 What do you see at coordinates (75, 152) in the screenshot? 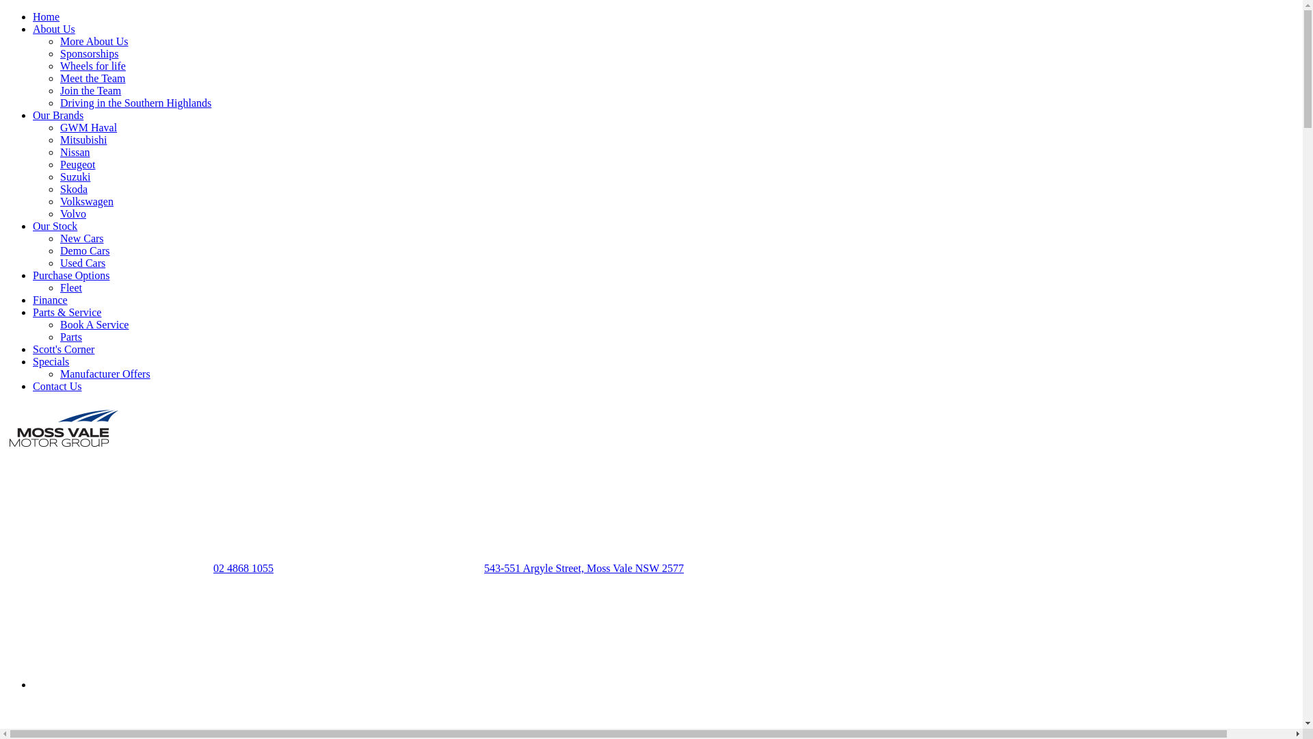
I see `'Nissan'` at bounding box center [75, 152].